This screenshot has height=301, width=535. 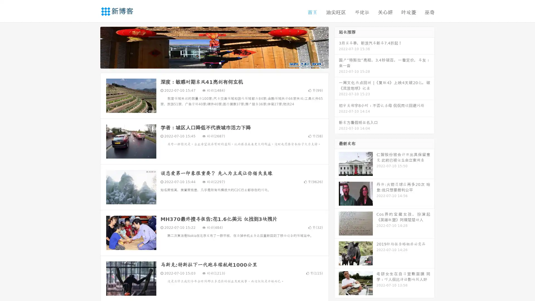 What do you see at coordinates (92, 47) in the screenshot?
I see `Previous slide` at bounding box center [92, 47].